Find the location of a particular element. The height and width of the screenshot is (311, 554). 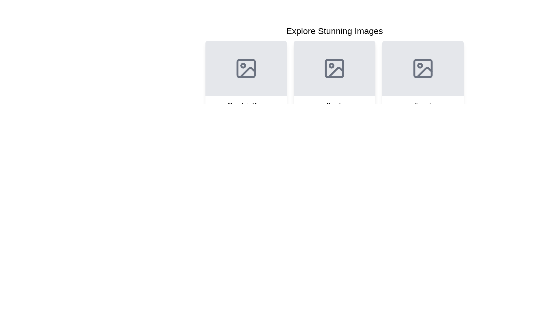

the text label that serves as a title for the card, positioned above the descriptive text and hashtag, within the 'Explore Stunning Images' grid is located at coordinates (246, 105).